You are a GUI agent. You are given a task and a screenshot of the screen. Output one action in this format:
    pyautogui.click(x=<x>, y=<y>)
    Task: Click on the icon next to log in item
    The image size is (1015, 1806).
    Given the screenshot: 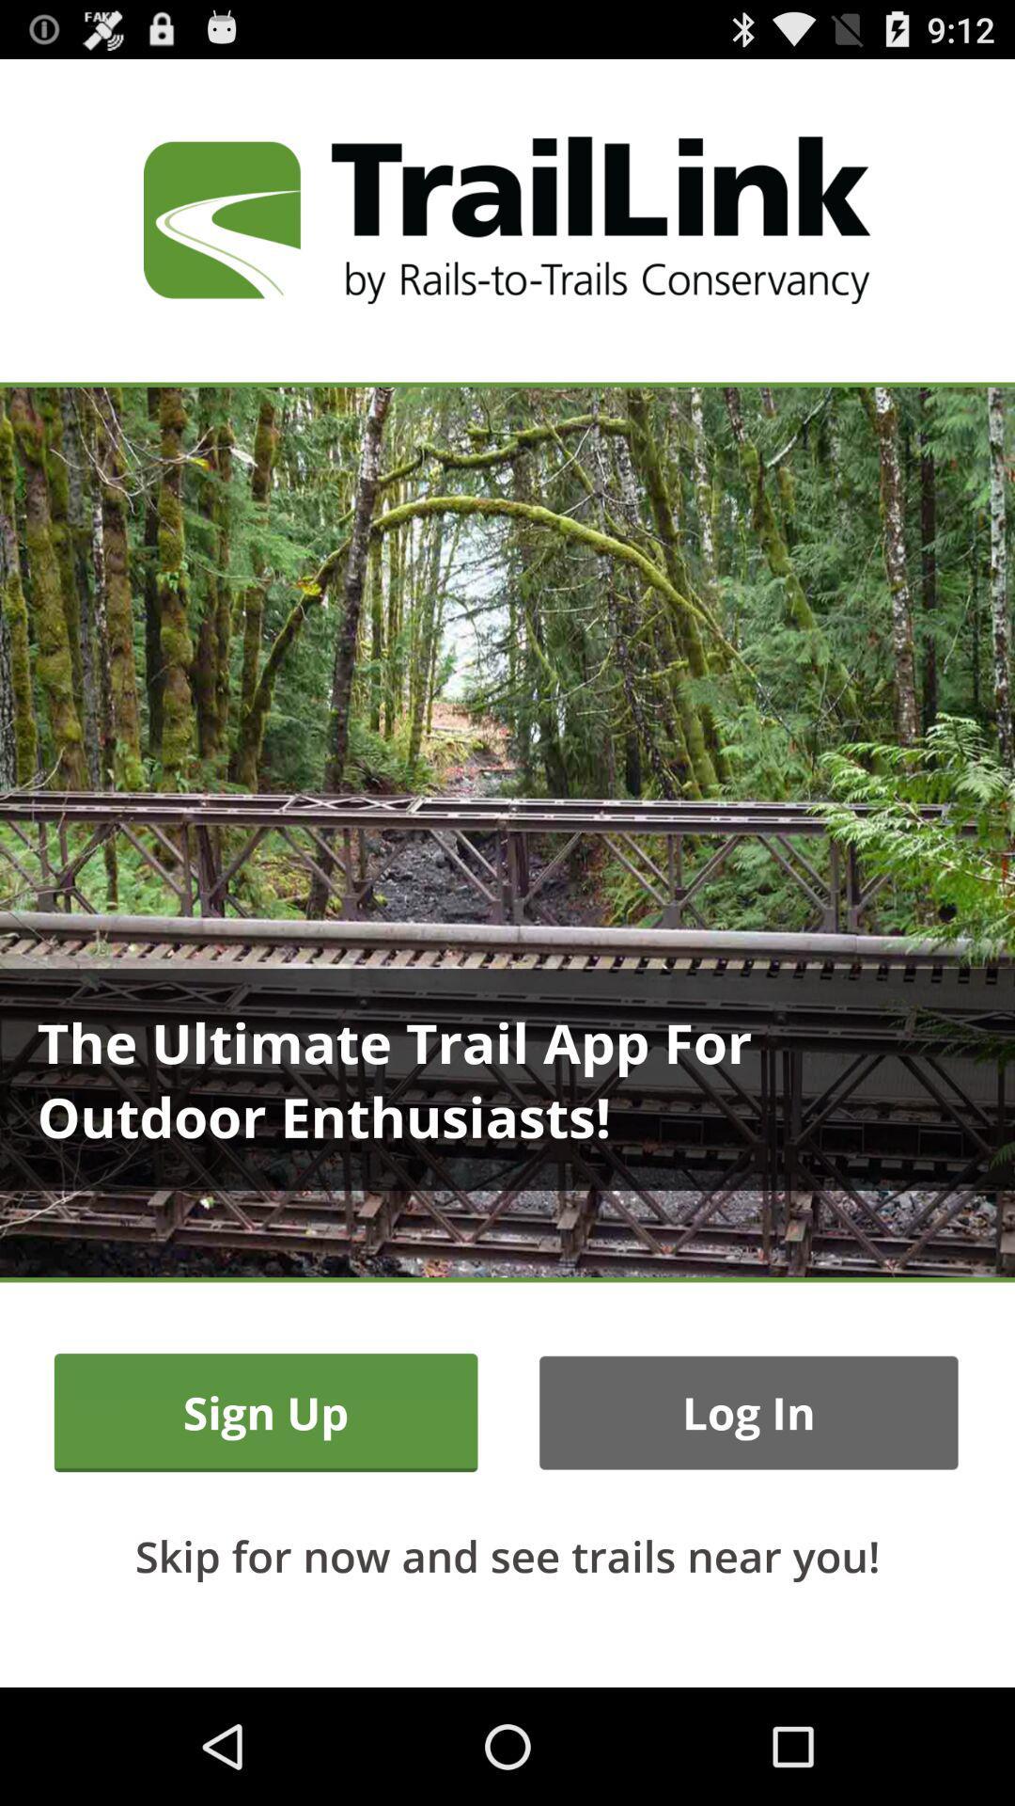 What is the action you would take?
    pyautogui.click(x=266, y=1413)
    